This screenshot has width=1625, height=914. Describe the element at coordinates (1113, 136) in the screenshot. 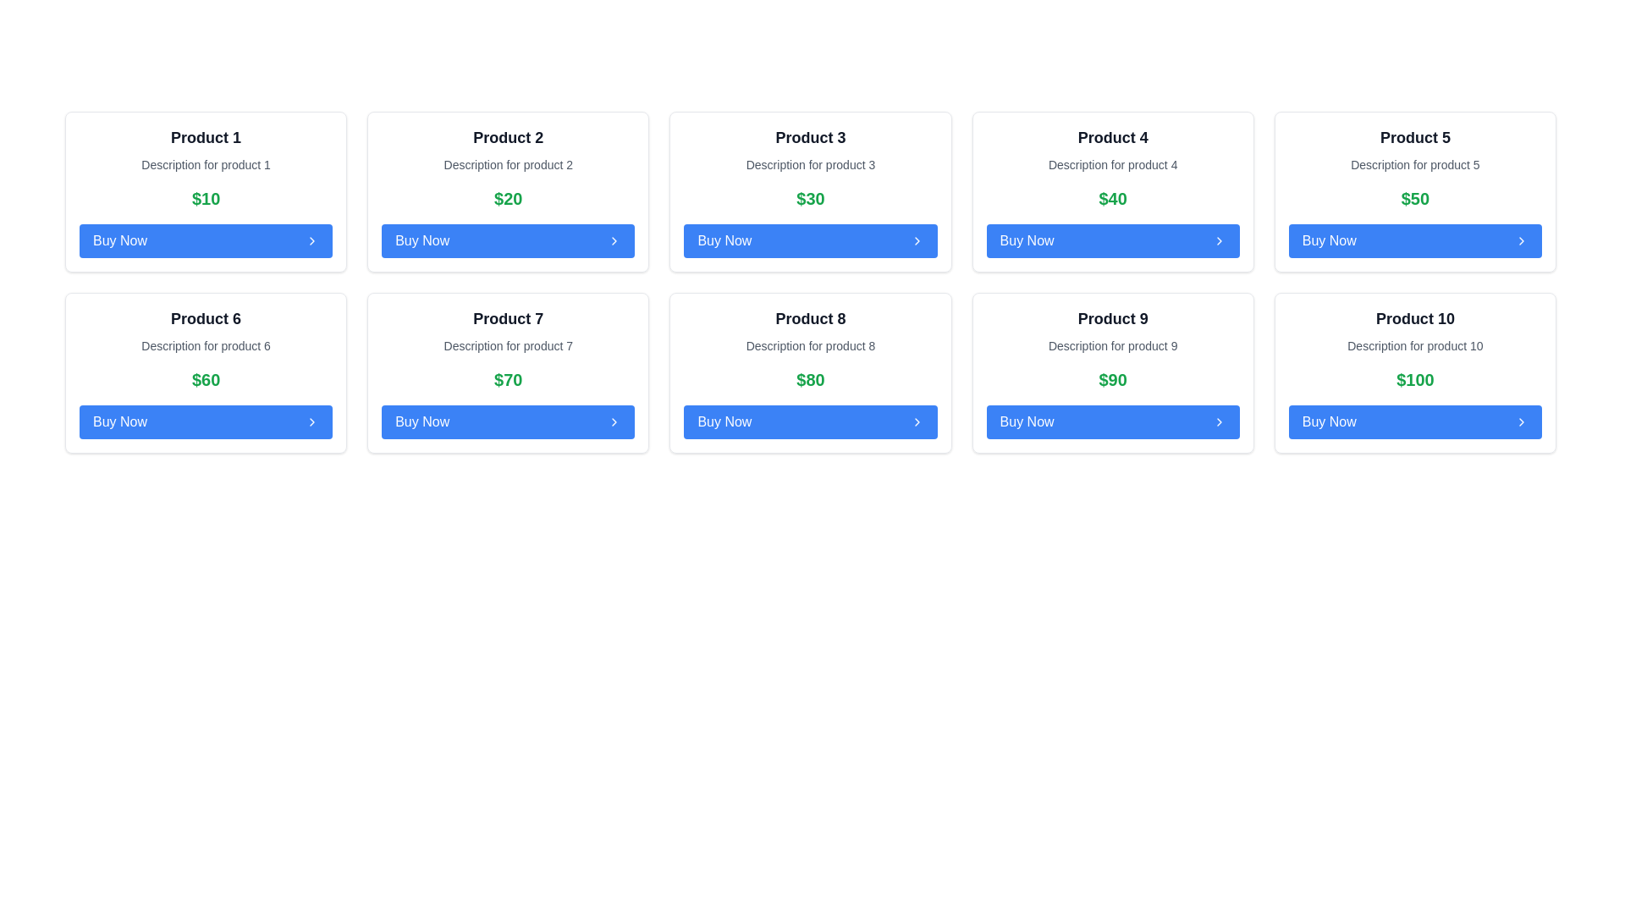

I see `the bold, large-sized text label displaying 'Product 4' in dark gray color, which is positioned at the top of the fourth card in the first row of the grid layout` at that location.